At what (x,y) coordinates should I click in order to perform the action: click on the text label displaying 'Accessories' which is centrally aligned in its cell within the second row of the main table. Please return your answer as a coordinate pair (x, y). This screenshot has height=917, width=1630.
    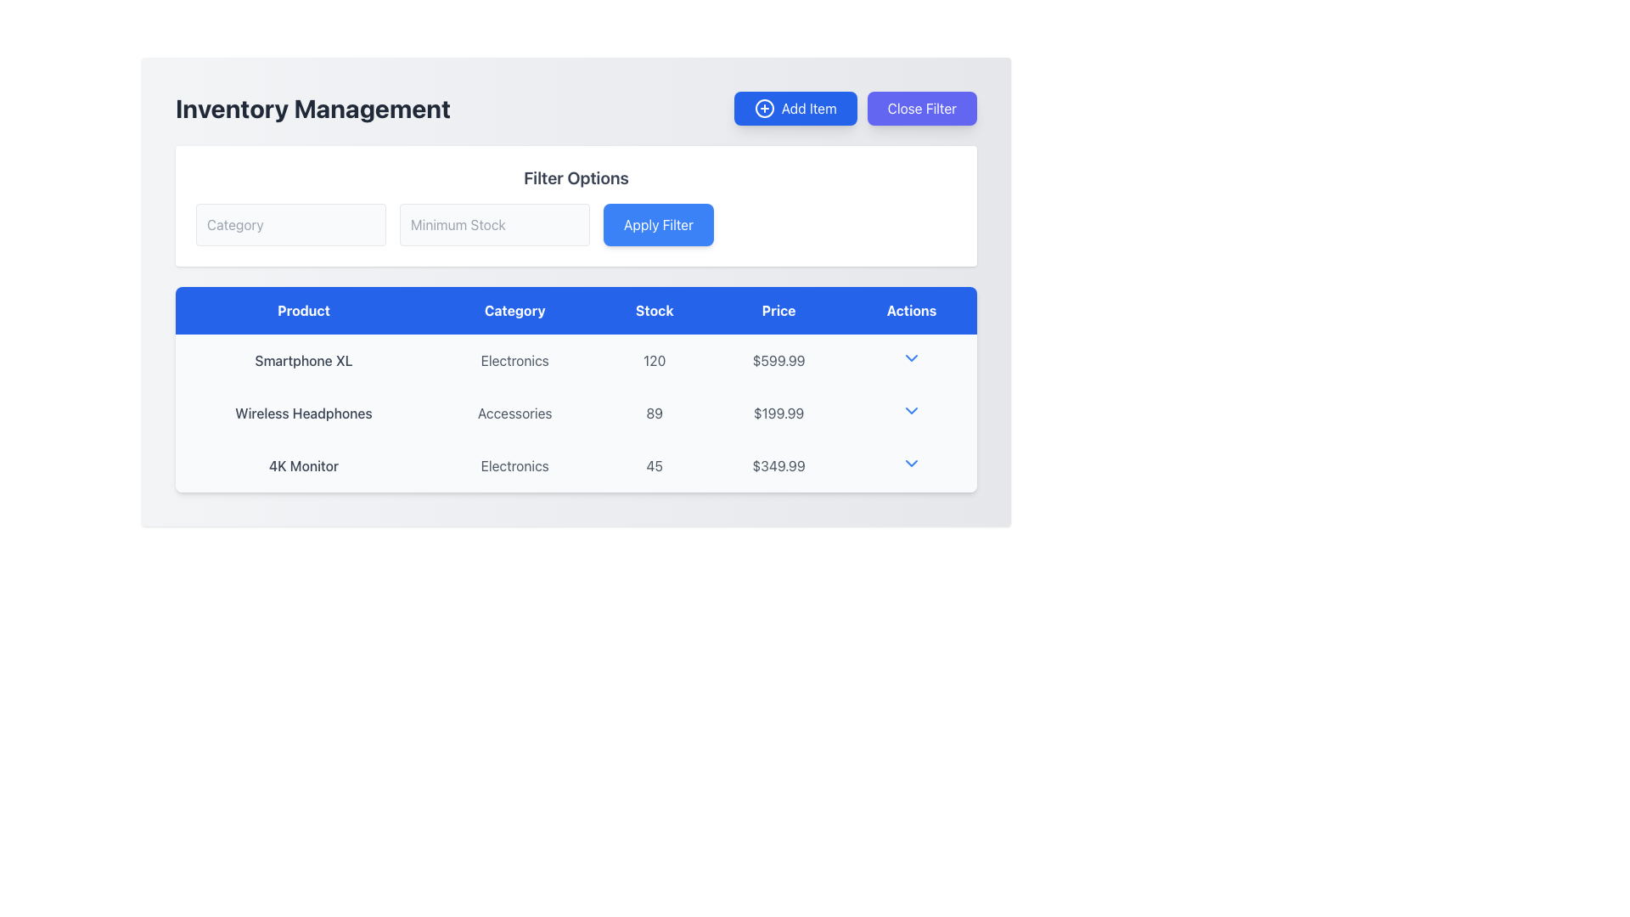
    Looking at the image, I should click on (514, 413).